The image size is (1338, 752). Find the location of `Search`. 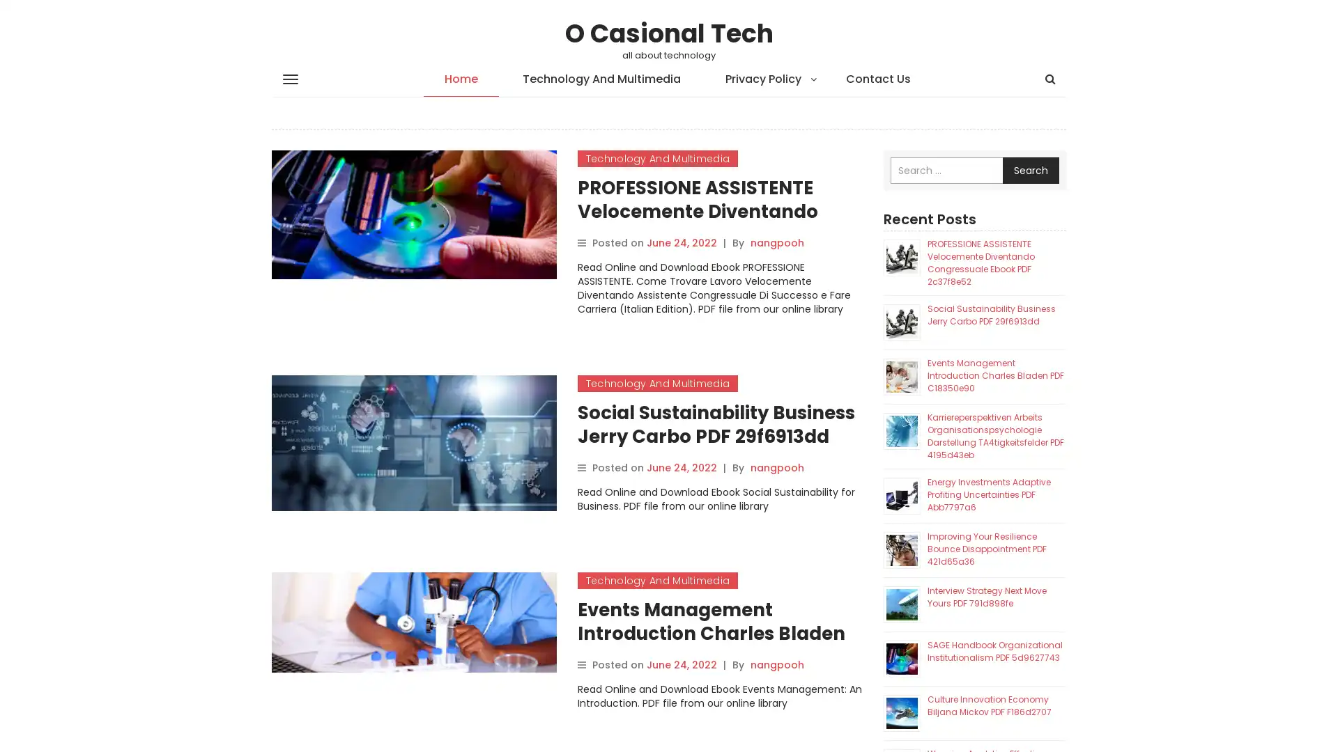

Search is located at coordinates (1031, 170).